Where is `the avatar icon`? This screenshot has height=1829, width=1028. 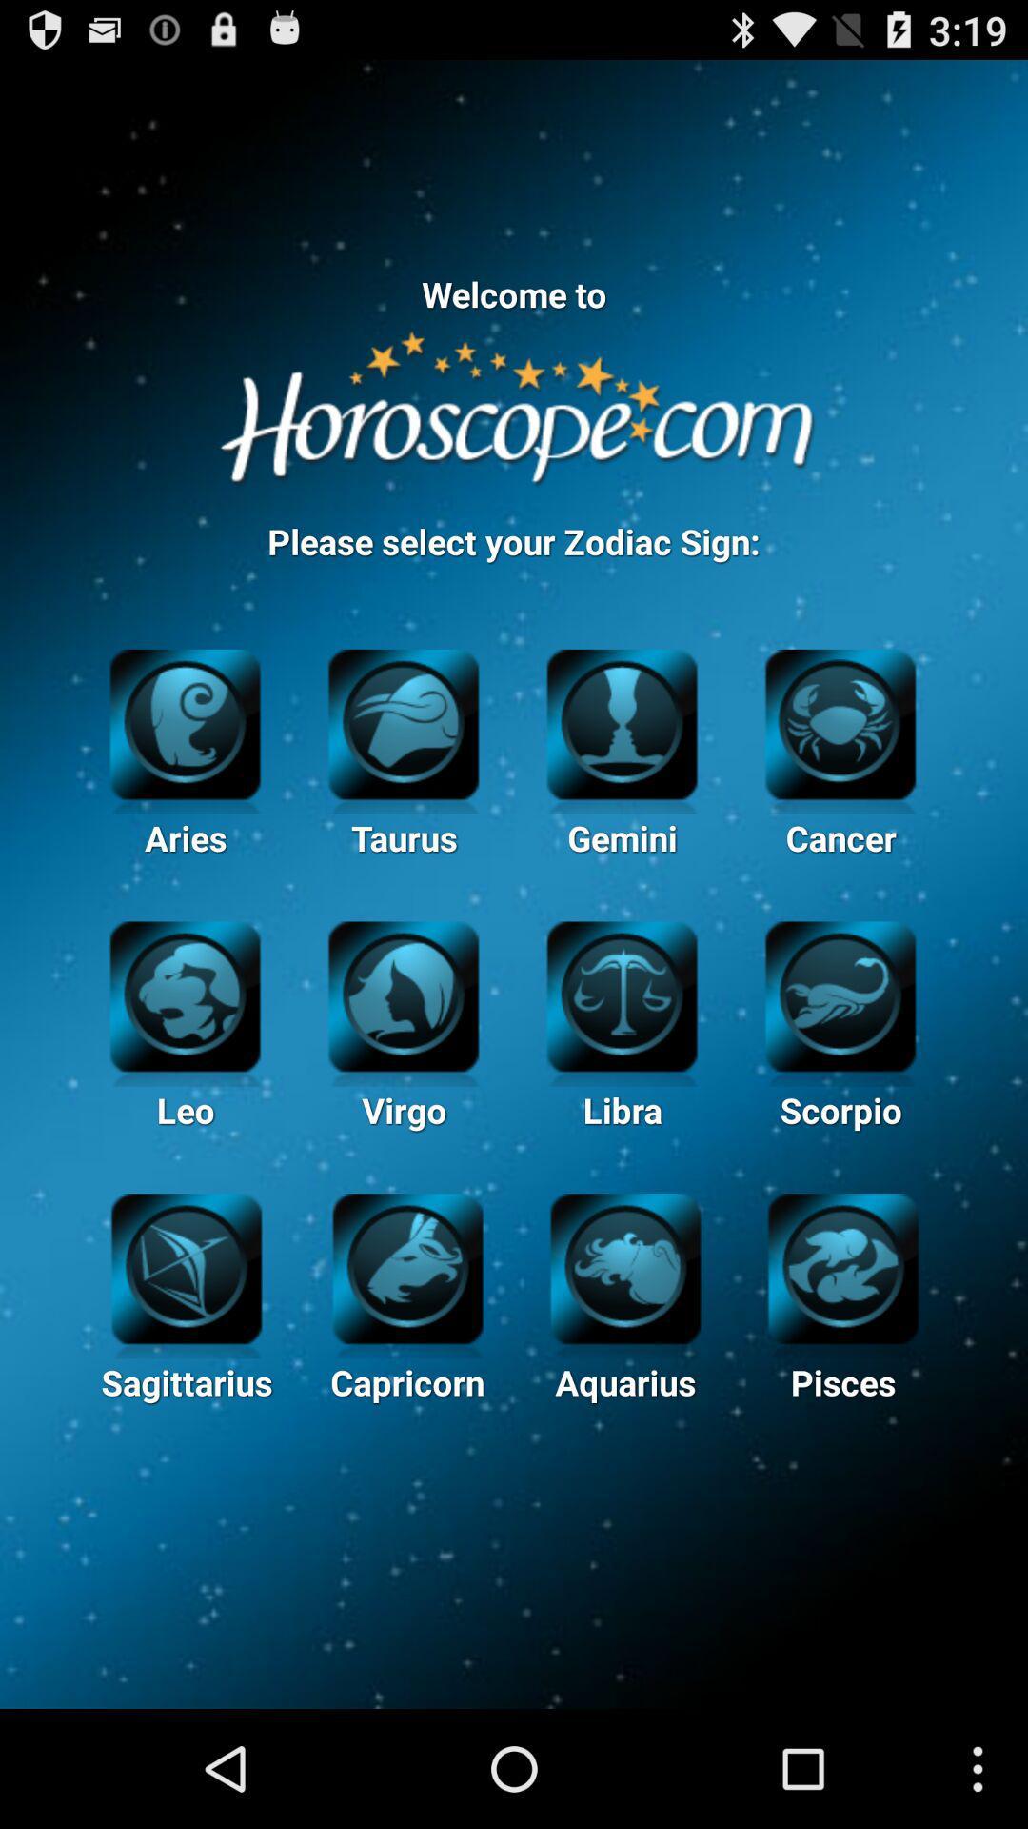 the avatar icon is located at coordinates (622, 773).